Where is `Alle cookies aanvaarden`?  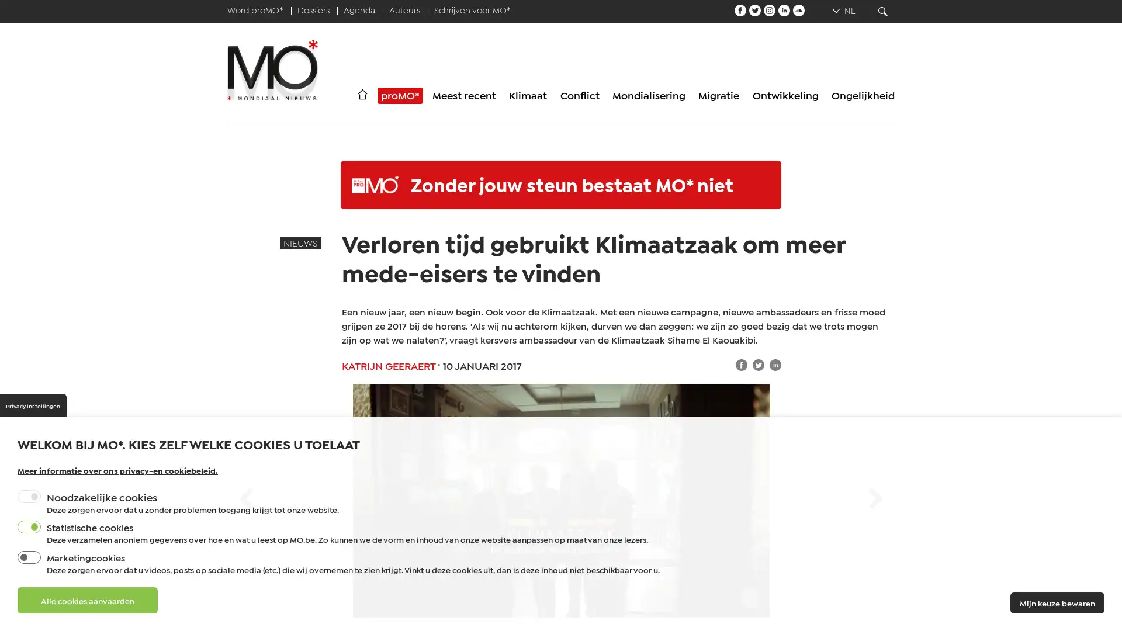 Alle cookies aanvaarden is located at coordinates (86, 599).